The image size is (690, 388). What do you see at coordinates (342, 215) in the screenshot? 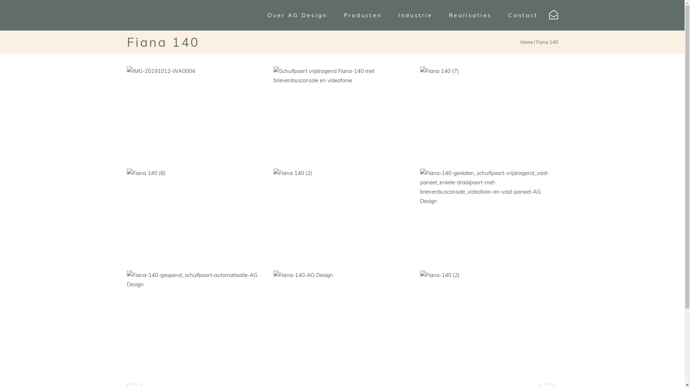
I see `'Fiana 140 (2)'` at bounding box center [342, 215].